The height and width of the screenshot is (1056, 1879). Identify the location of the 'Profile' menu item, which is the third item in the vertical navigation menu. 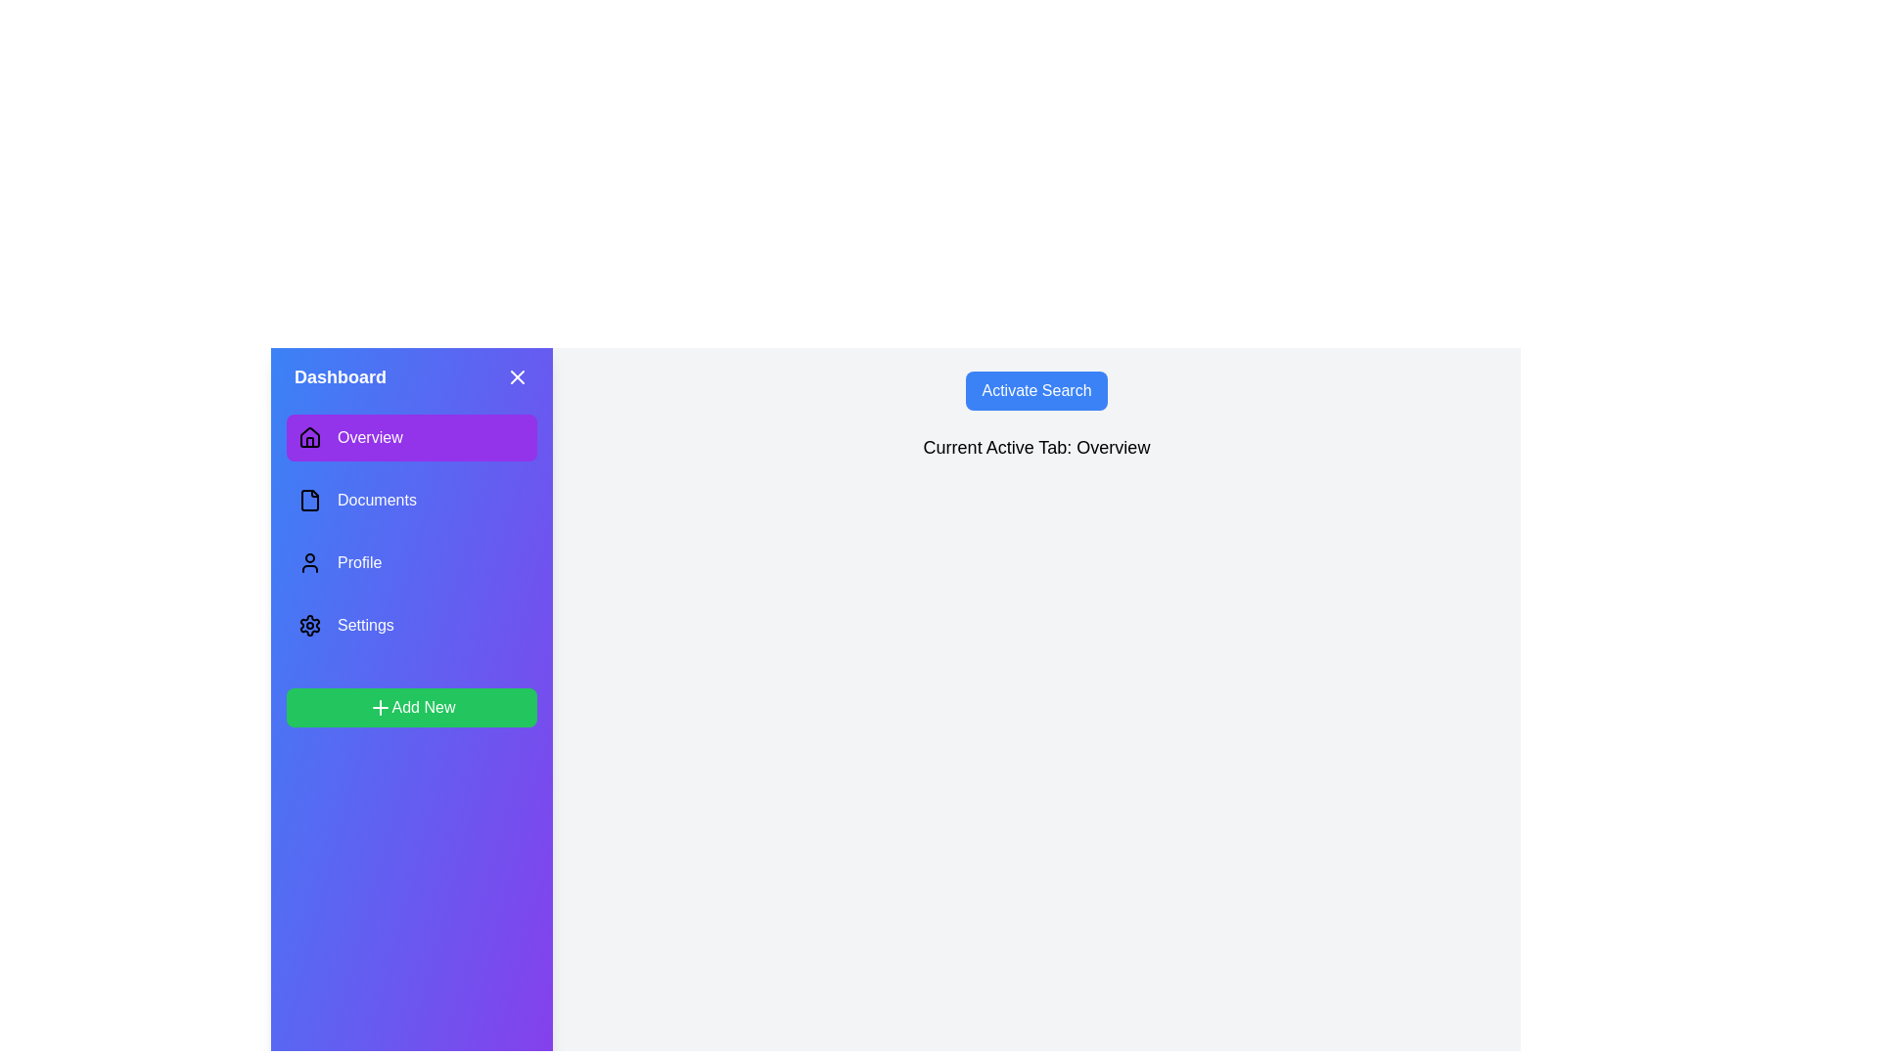
(411, 562).